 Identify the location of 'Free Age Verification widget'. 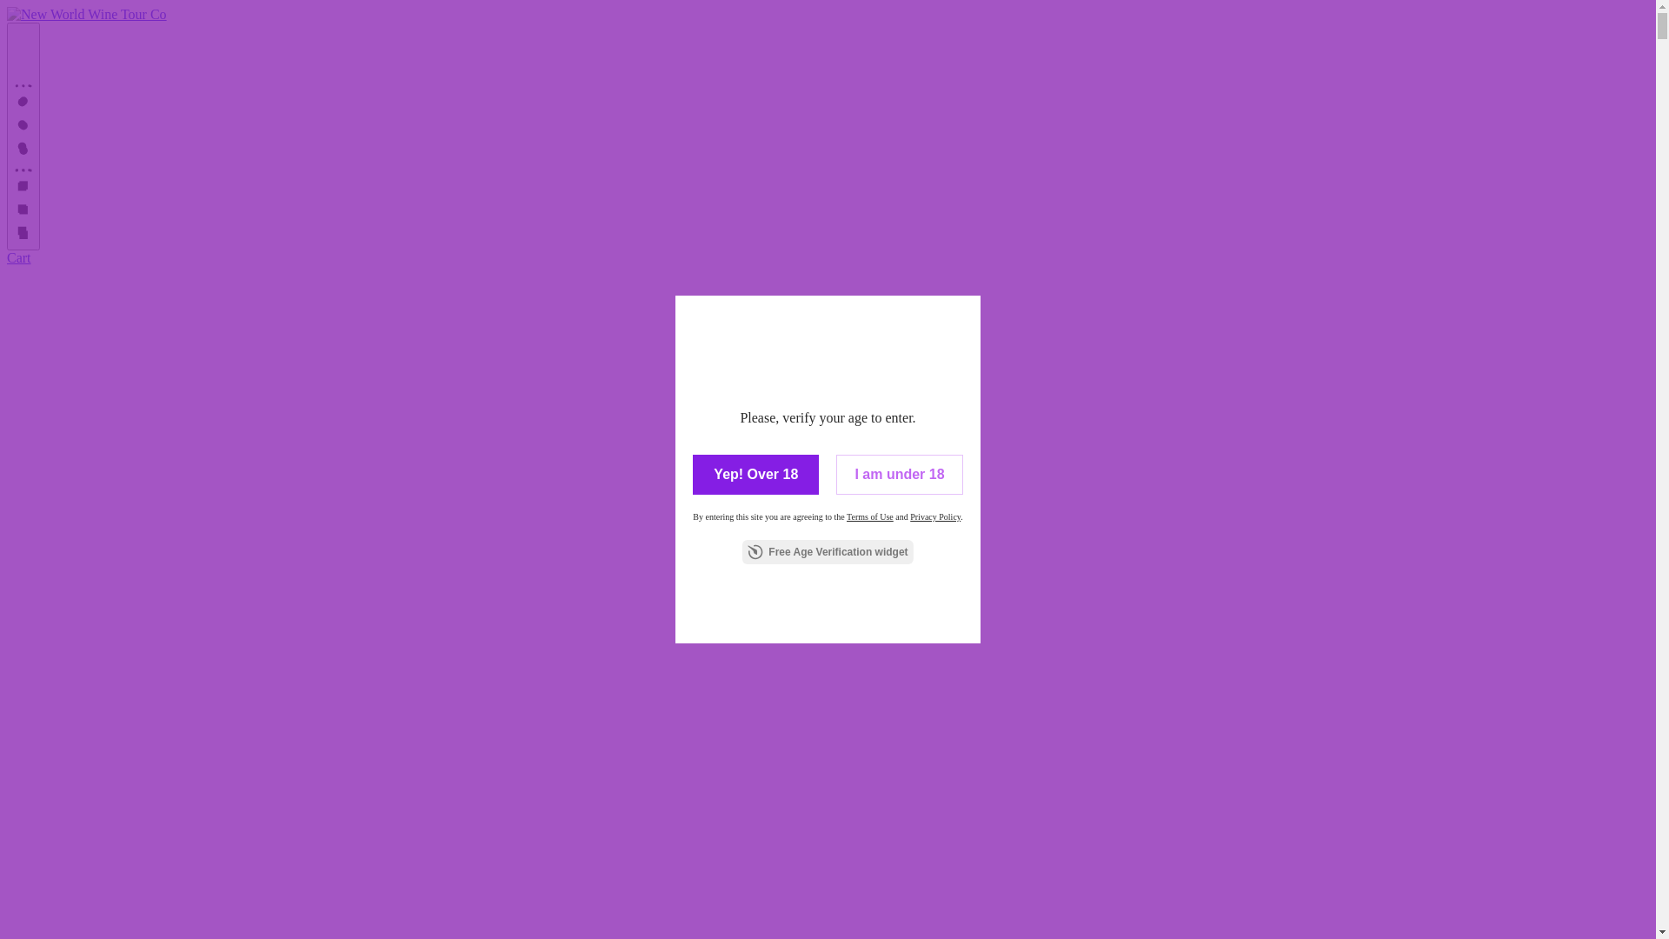
(826, 552).